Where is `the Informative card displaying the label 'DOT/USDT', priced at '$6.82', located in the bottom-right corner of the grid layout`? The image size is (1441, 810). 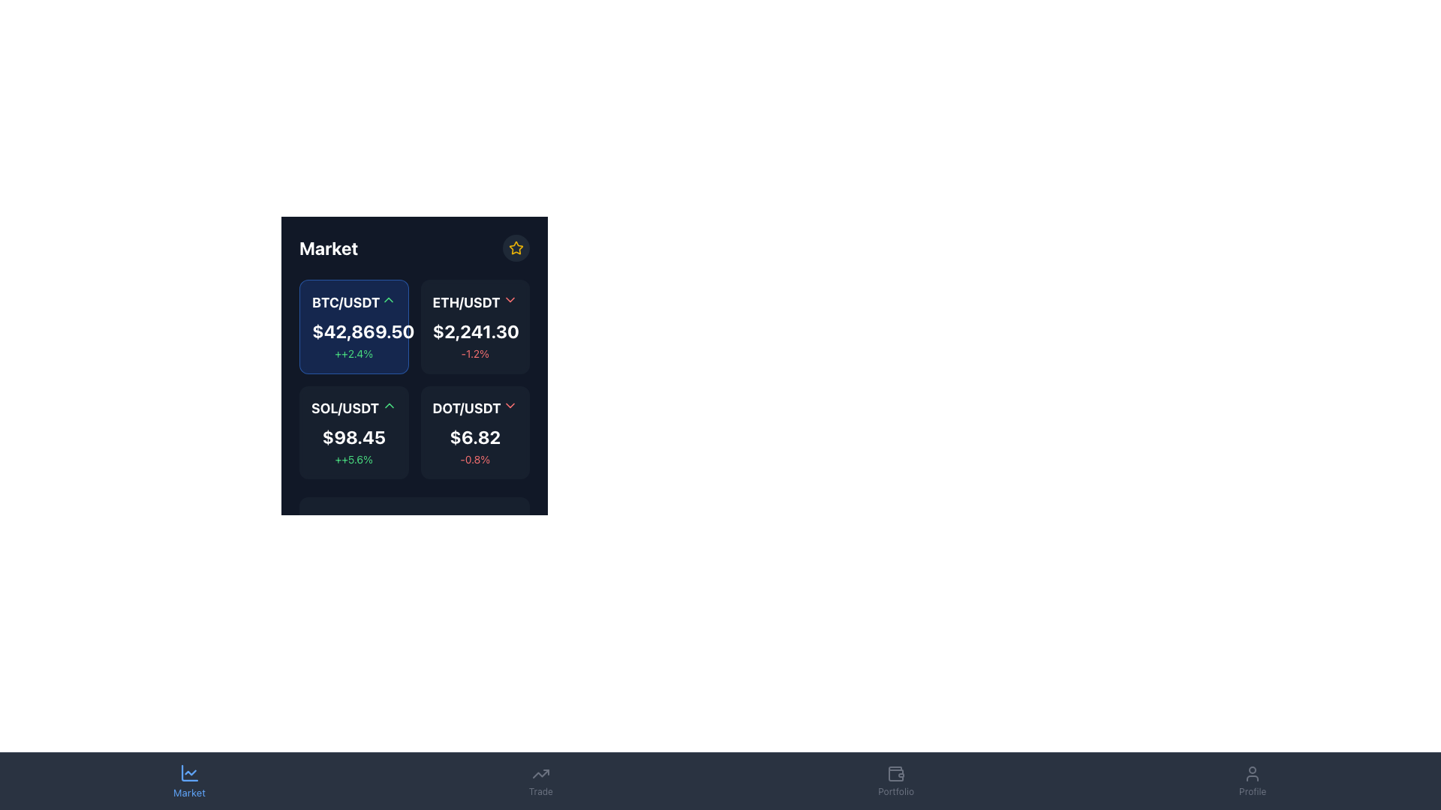 the Informative card displaying the label 'DOT/USDT', priced at '$6.82', located in the bottom-right corner of the grid layout is located at coordinates (474, 433).